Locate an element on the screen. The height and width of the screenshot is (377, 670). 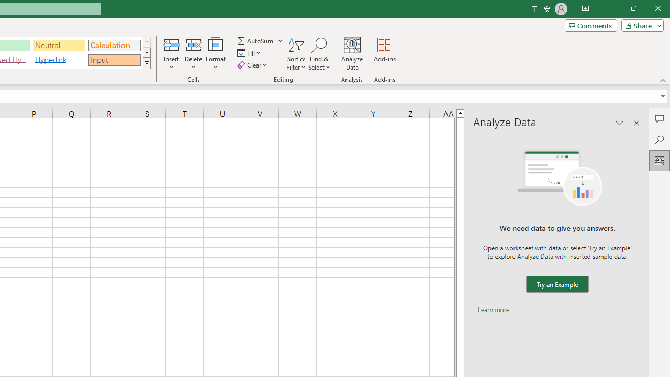
'Neutral' is located at coordinates (59, 45).